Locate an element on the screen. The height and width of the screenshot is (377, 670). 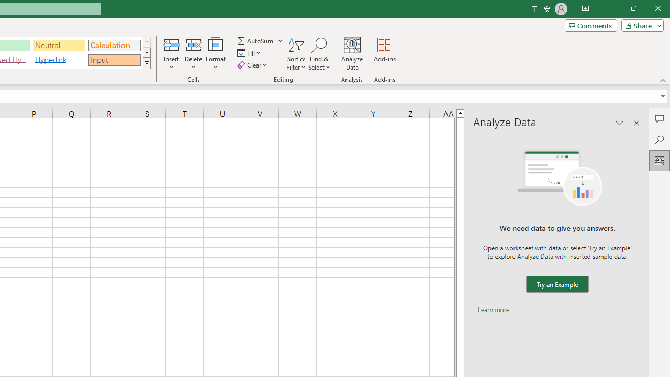
'Neutral' is located at coordinates (59, 45).